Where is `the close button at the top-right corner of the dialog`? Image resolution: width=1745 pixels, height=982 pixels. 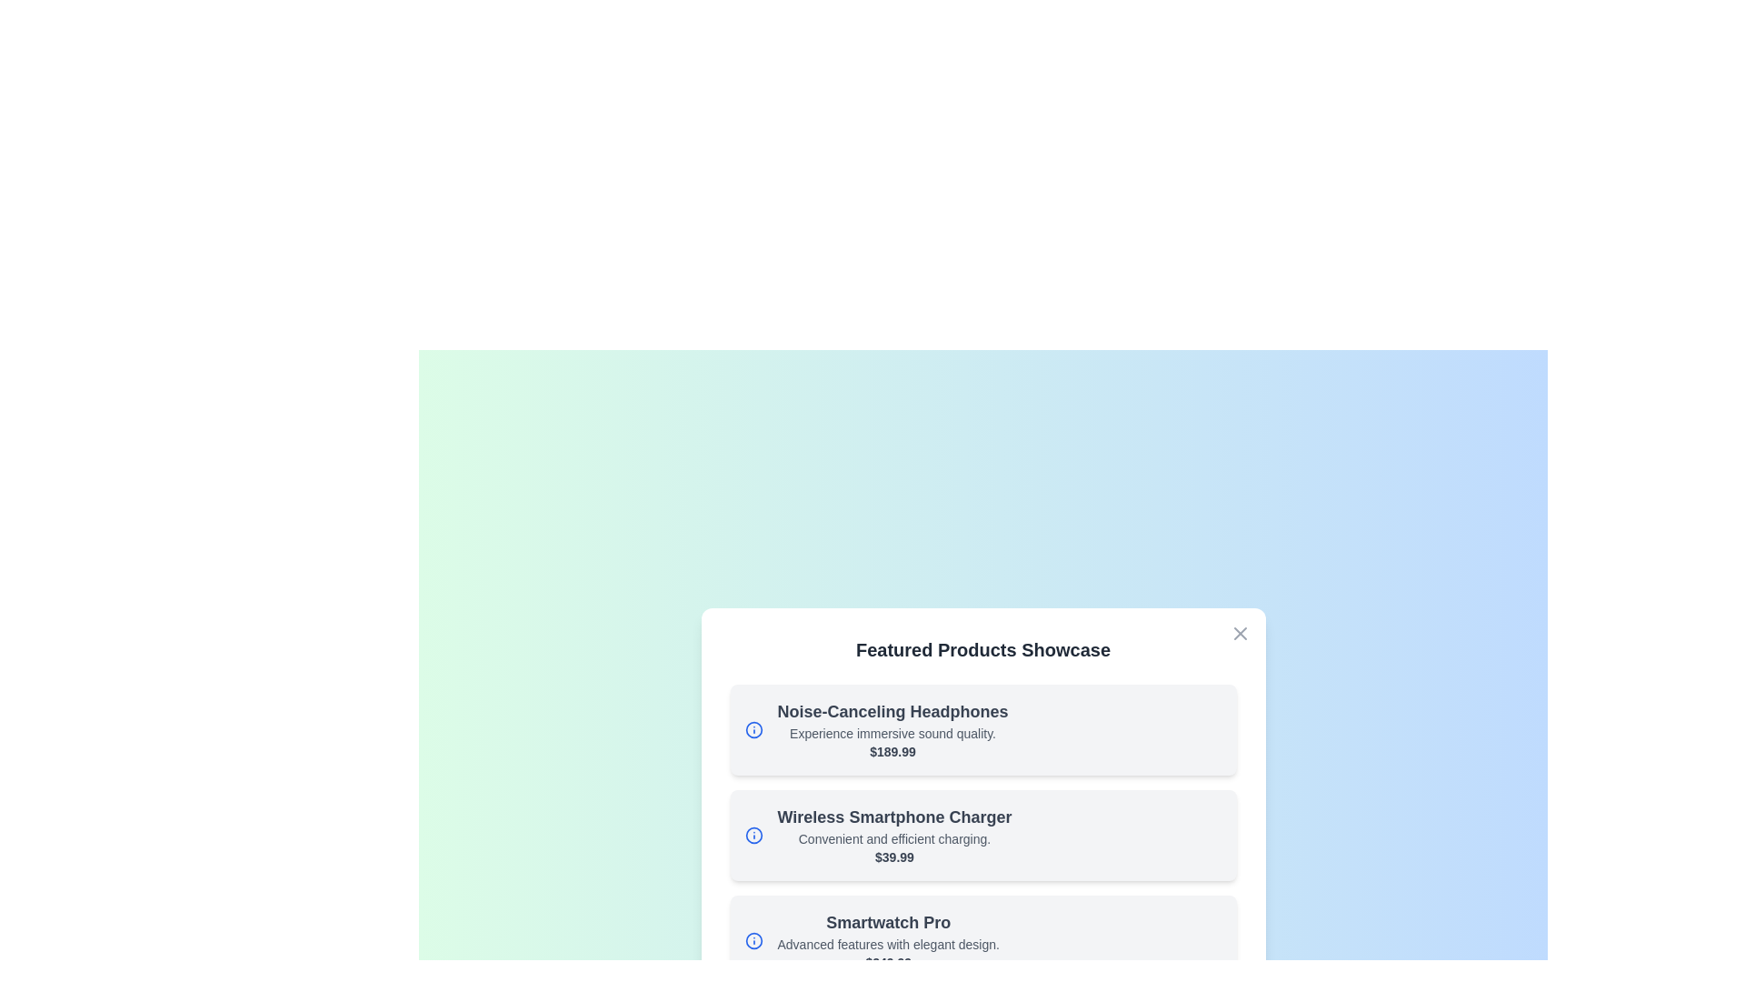 the close button at the top-right corner of the dialog is located at coordinates (1239, 633).